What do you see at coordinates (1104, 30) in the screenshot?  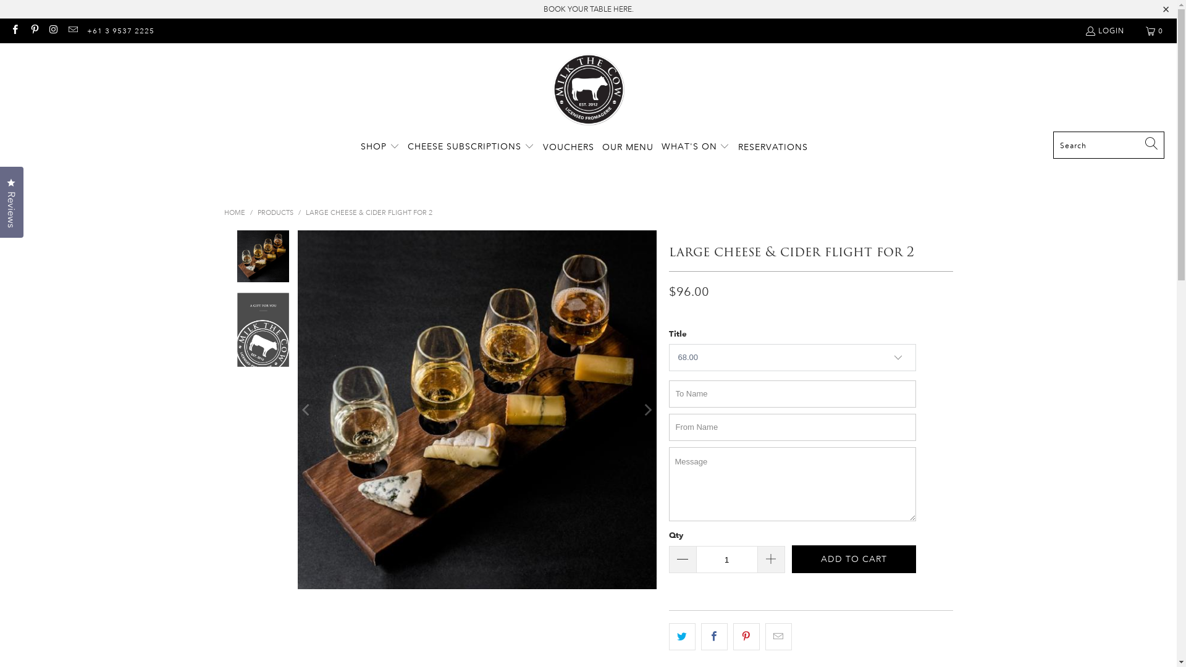 I see `'LOGIN'` at bounding box center [1104, 30].